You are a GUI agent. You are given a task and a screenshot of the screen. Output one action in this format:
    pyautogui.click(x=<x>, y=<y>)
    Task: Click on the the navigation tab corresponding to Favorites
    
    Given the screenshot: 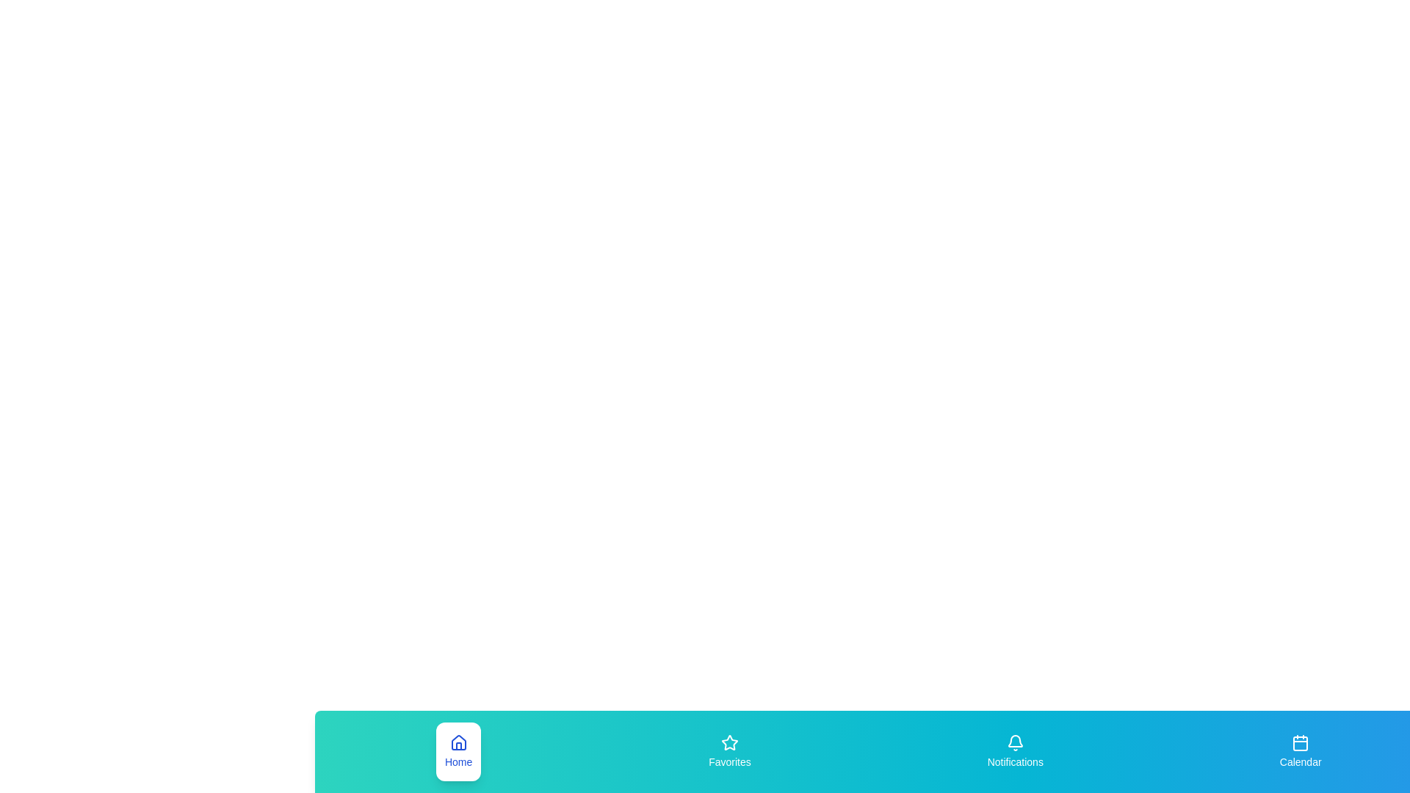 What is the action you would take?
    pyautogui.click(x=729, y=751)
    